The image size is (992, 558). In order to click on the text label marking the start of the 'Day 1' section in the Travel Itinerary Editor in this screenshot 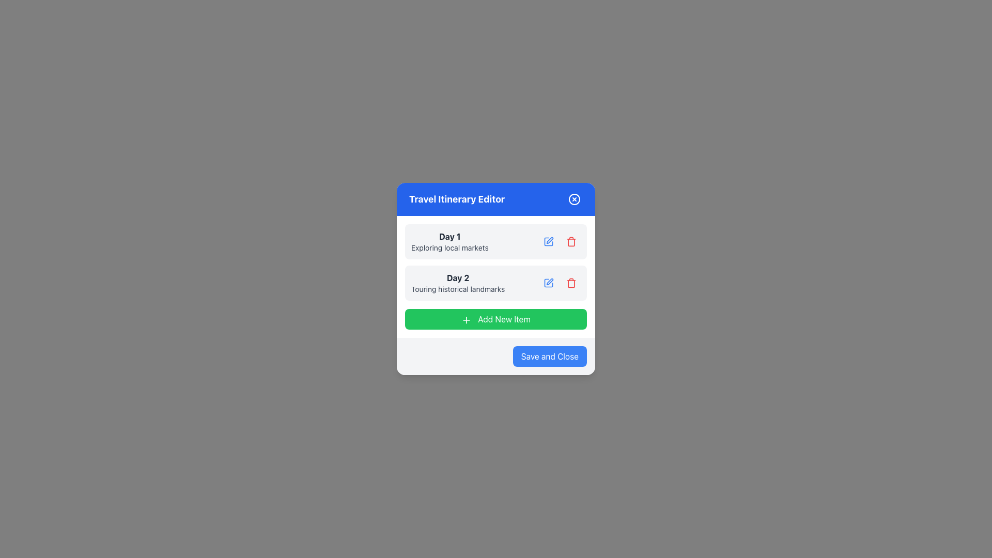, I will do `click(450, 237)`.